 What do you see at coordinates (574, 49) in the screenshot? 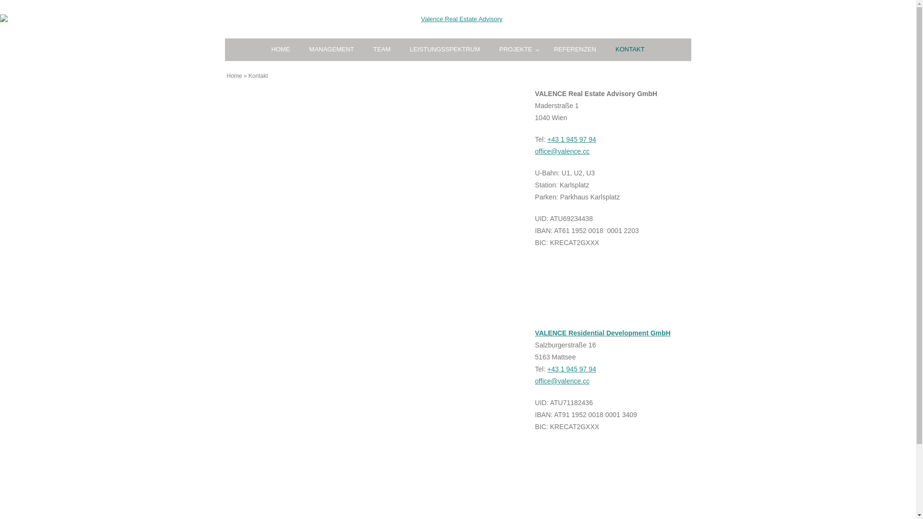
I see `'REFERENZEN'` at bounding box center [574, 49].